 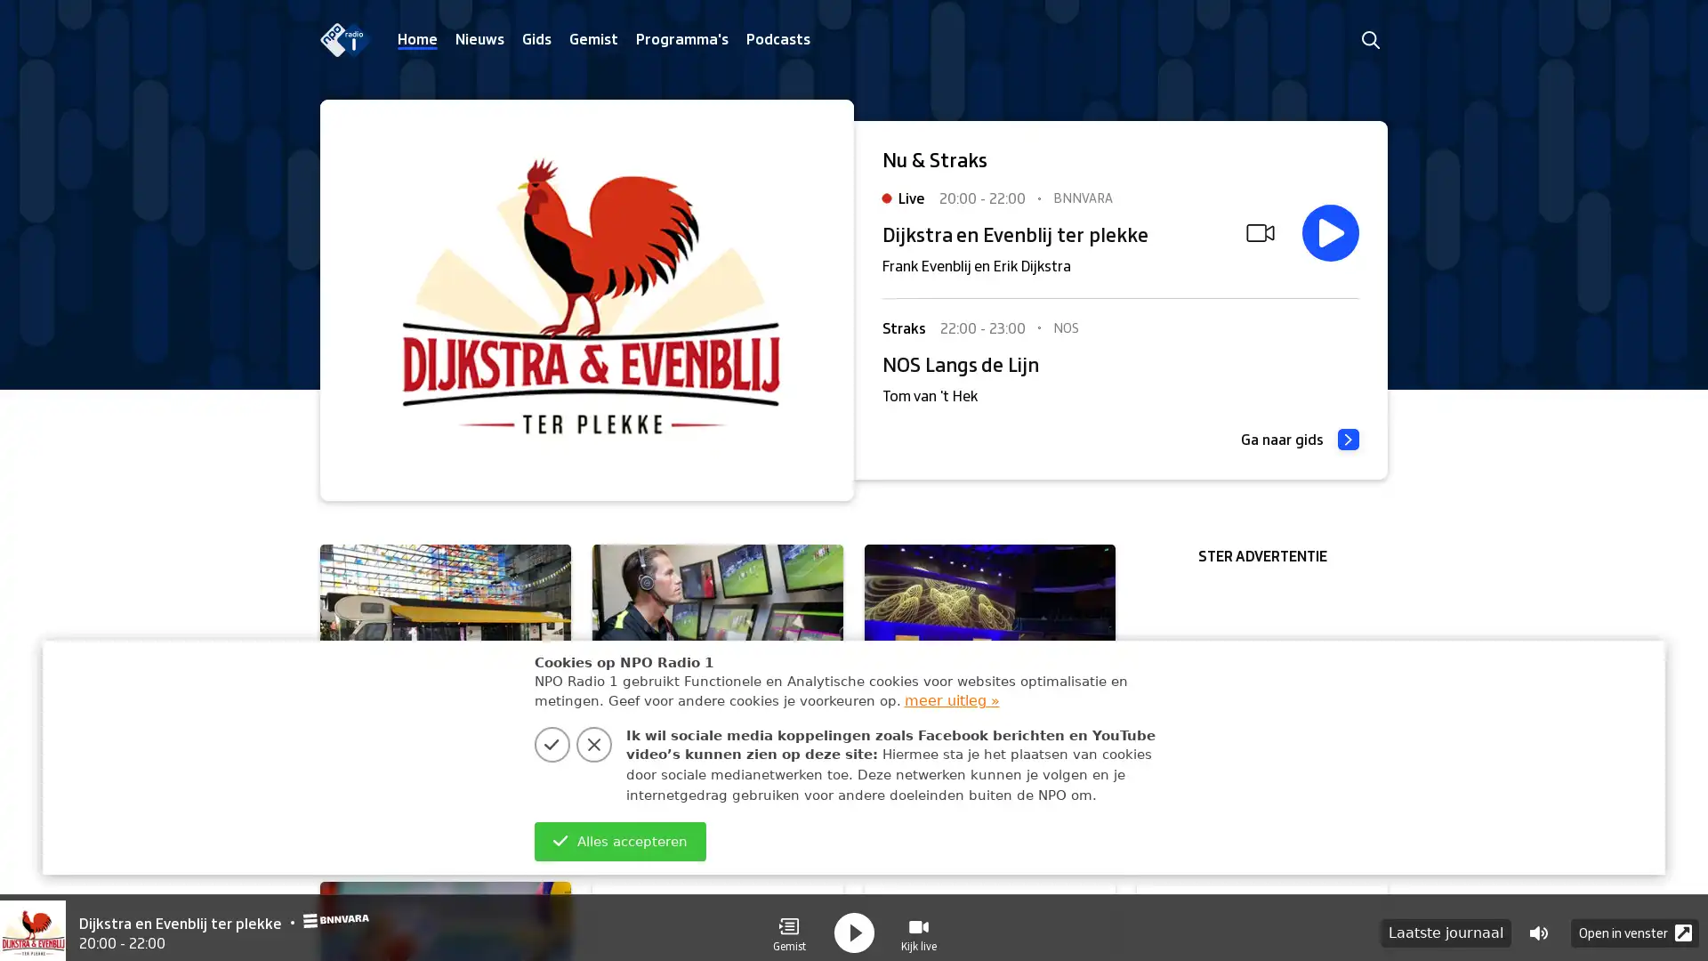 What do you see at coordinates (918, 922) in the screenshot?
I see `Visual Radio Kijk live` at bounding box center [918, 922].